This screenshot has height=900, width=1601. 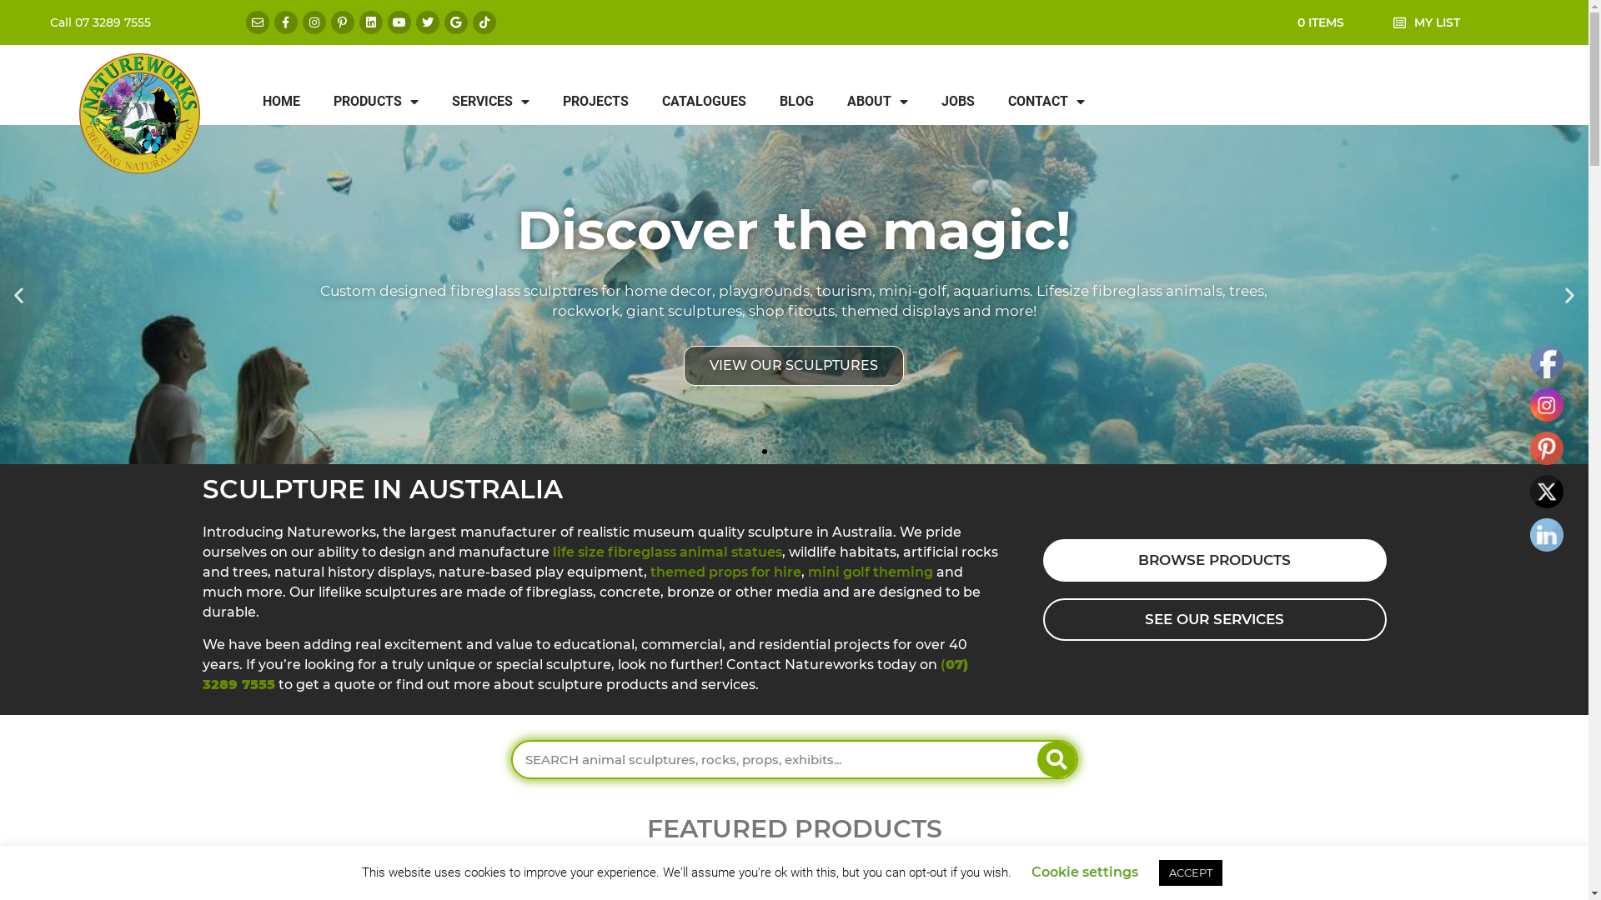 What do you see at coordinates (795, 102) in the screenshot?
I see `'BLOG'` at bounding box center [795, 102].